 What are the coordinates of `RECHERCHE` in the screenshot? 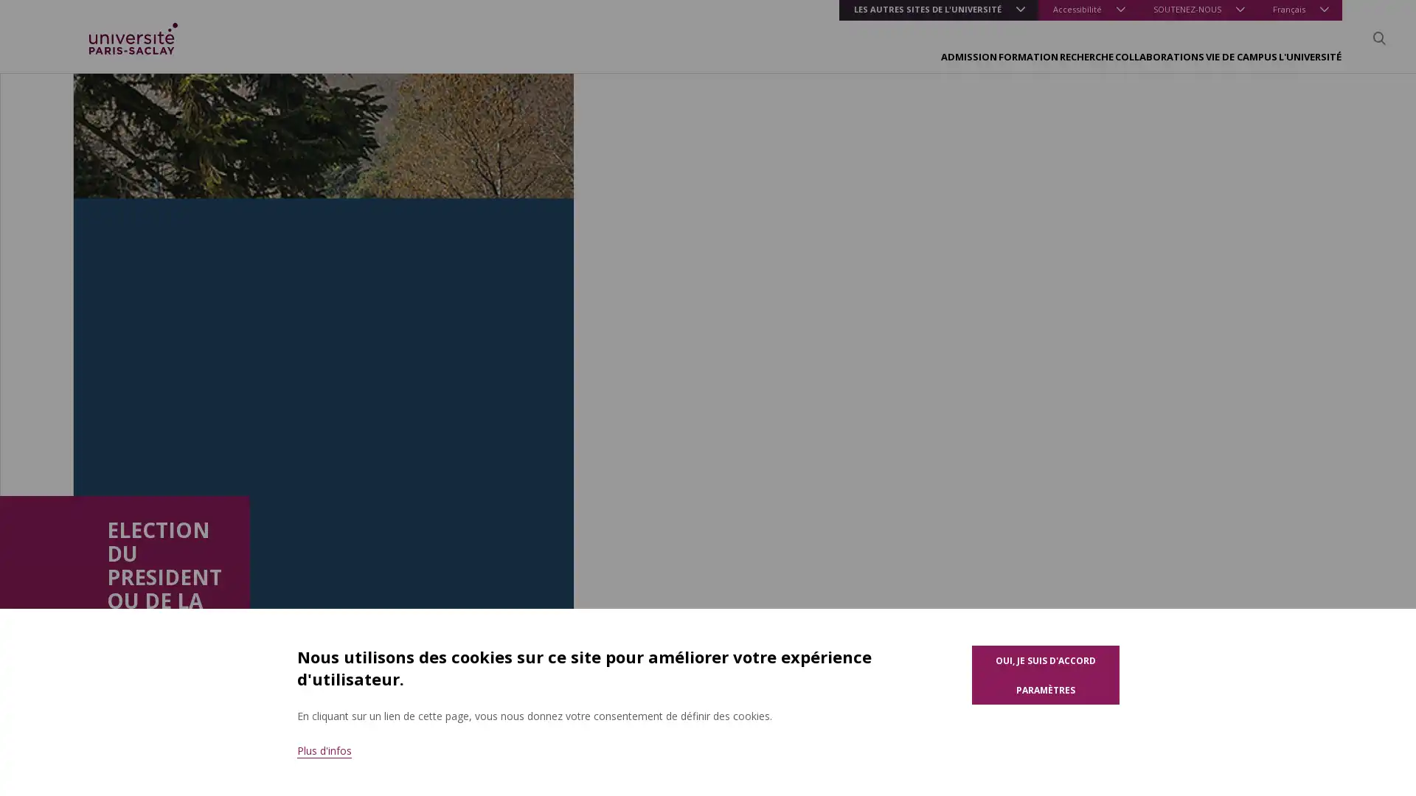 It's located at (936, 50).